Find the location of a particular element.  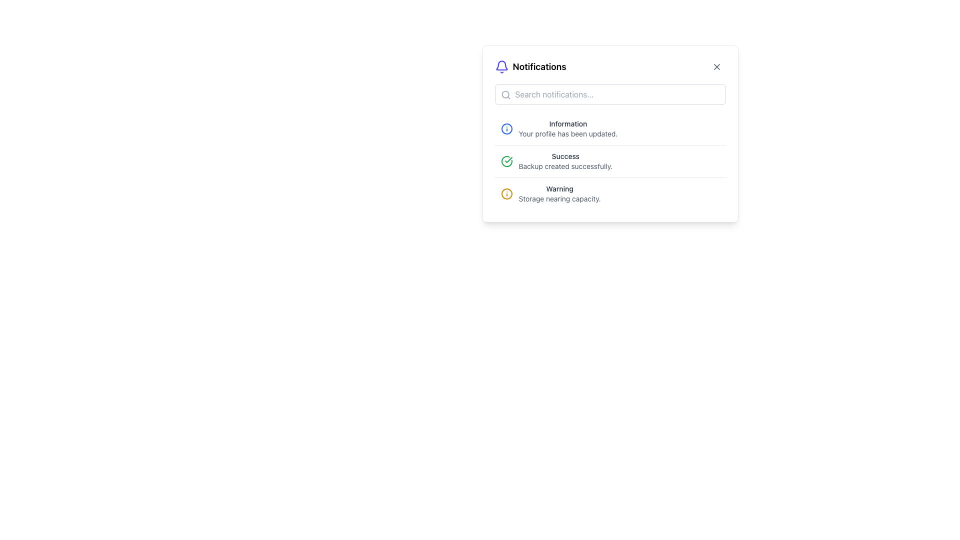

the 'Warning' notification text, which indicates 'Storage nearing capacity' in the notification list of the modal is located at coordinates (559, 194).